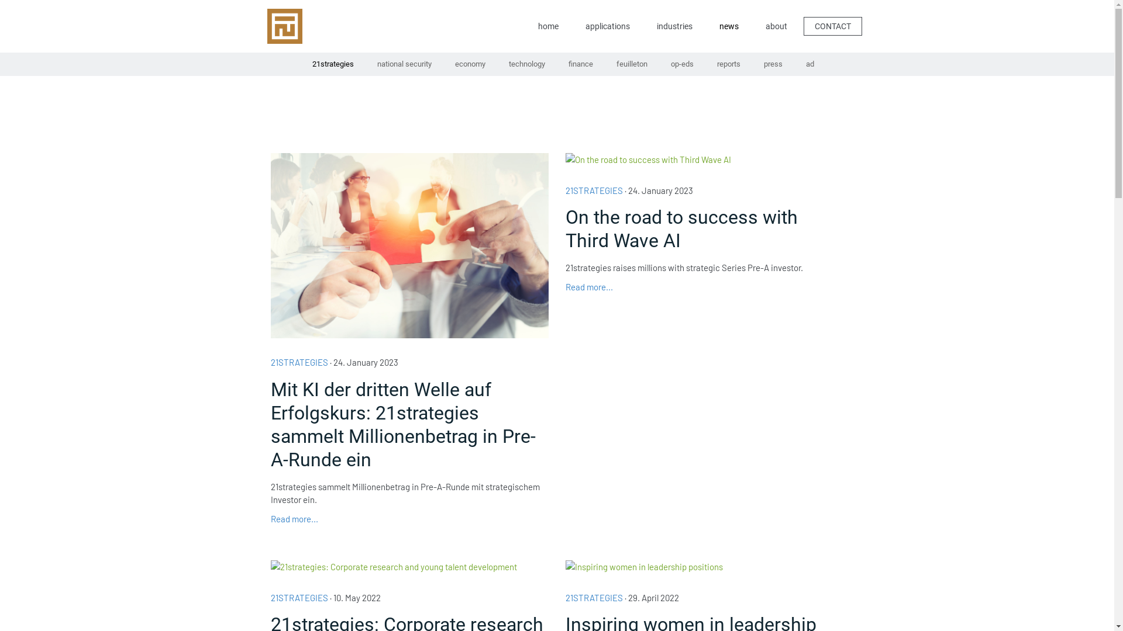 The height and width of the screenshot is (631, 1123). Describe the element at coordinates (832, 25) in the screenshot. I see `'CONTACT'` at that location.